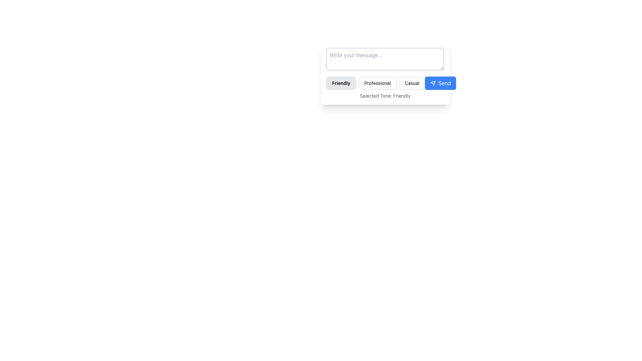 This screenshot has height=361, width=642. What do you see at coordinates (412, 83) in the screenshot?
I see `the button labeled 'Casual'` at bounding box center [412, 83].